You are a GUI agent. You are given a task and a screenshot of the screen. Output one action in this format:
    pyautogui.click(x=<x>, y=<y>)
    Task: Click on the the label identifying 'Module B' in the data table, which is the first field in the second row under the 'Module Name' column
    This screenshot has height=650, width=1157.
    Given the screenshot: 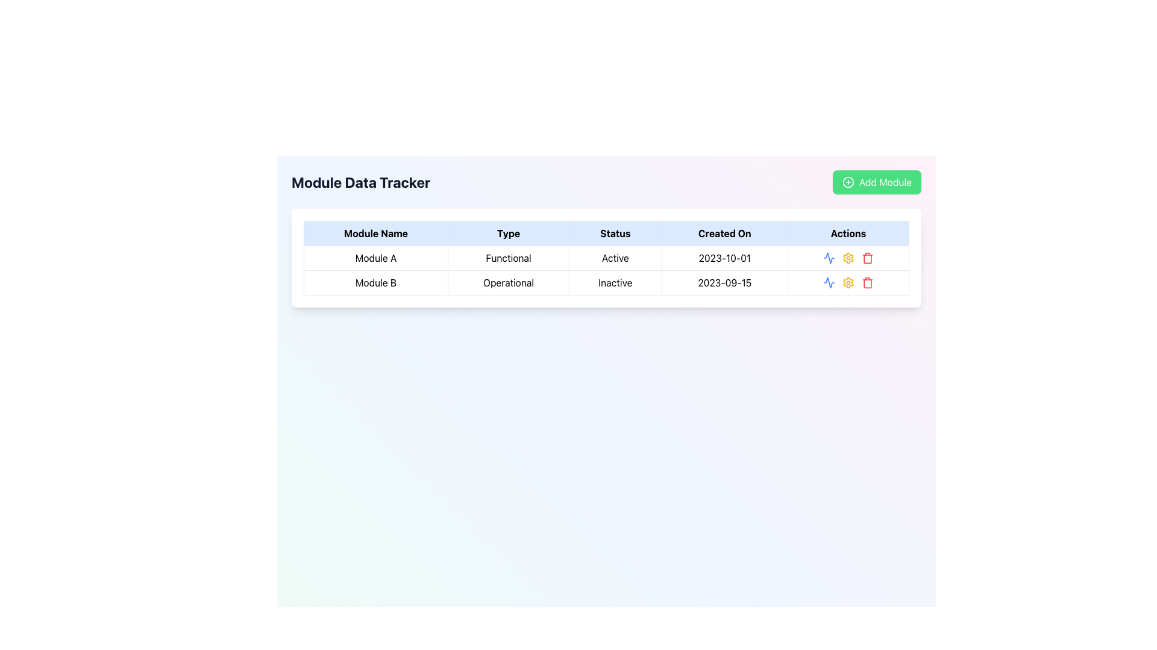 What is the action you would take?
    pyautogui.click(x=375, y=283)
    